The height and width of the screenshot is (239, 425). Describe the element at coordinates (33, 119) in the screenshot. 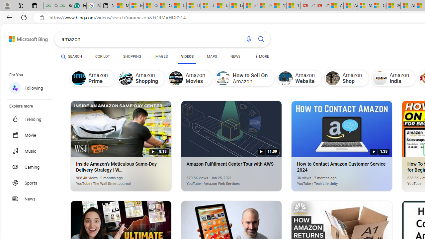

I see `'Trending'` at that location.